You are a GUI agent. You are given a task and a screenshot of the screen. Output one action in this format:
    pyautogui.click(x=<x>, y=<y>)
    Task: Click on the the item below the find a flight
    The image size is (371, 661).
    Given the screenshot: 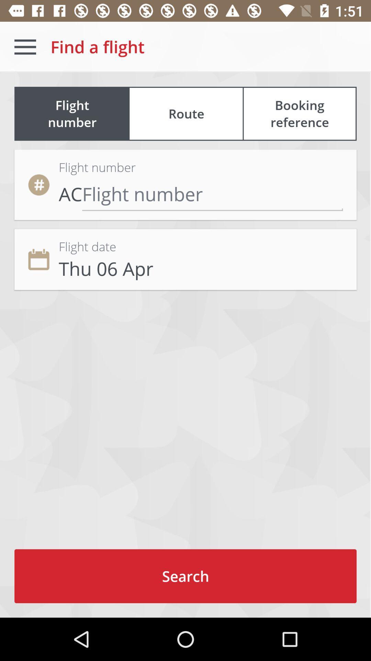 What is the action you would take?
    pyautogui.click(x=186, y=114)
    